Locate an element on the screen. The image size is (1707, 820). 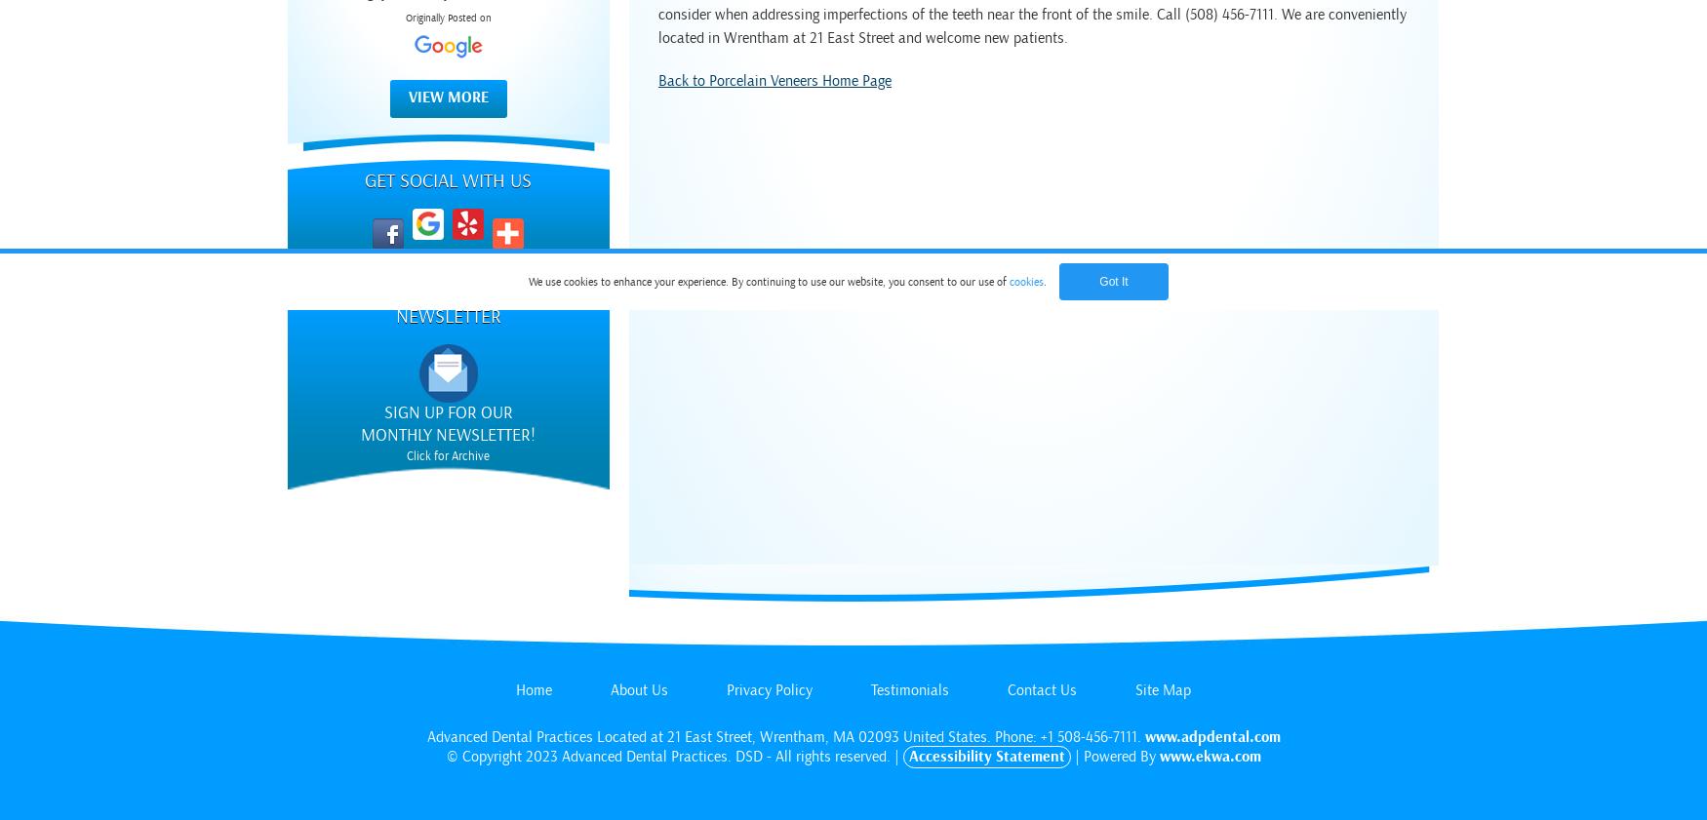
'Privacy Policy' is located at coordinates (769, 689).